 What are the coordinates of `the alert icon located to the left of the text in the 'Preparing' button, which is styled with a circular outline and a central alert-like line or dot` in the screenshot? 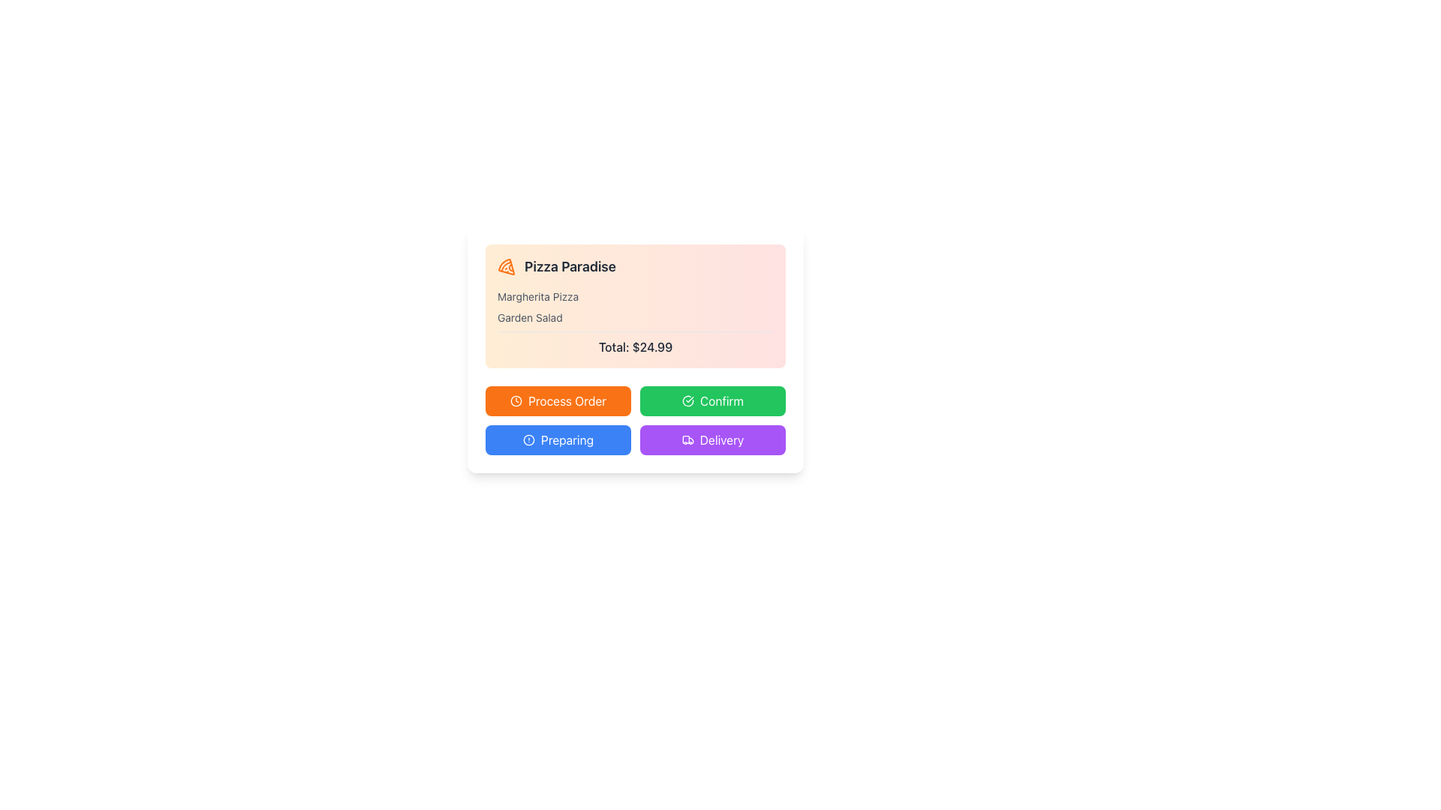 It's located at (529, 439).